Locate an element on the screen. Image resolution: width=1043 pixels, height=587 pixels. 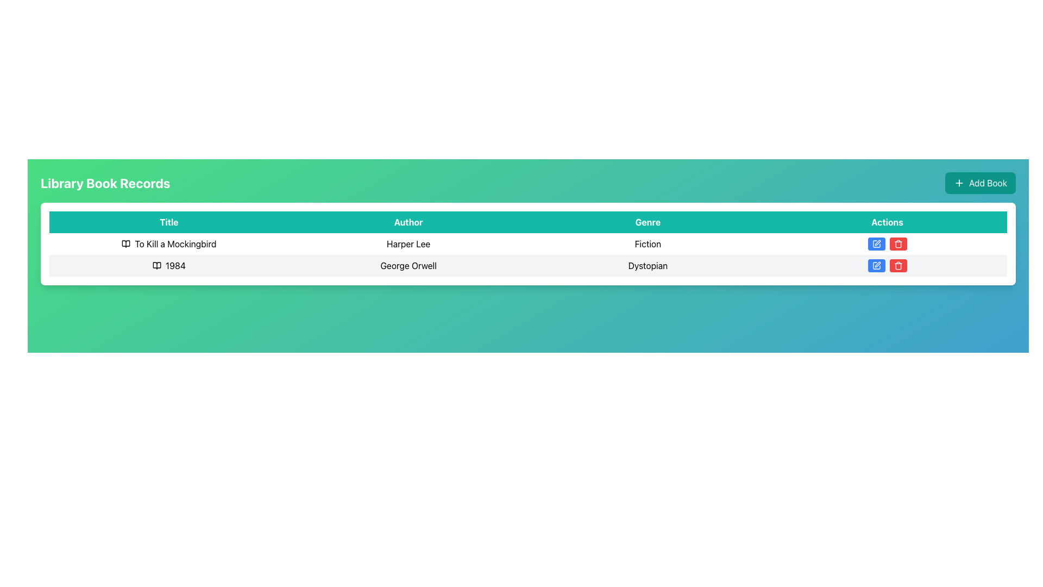
text '1984' in the second row of the library books table under the 'Title' column is located at coordinates (168, 266).